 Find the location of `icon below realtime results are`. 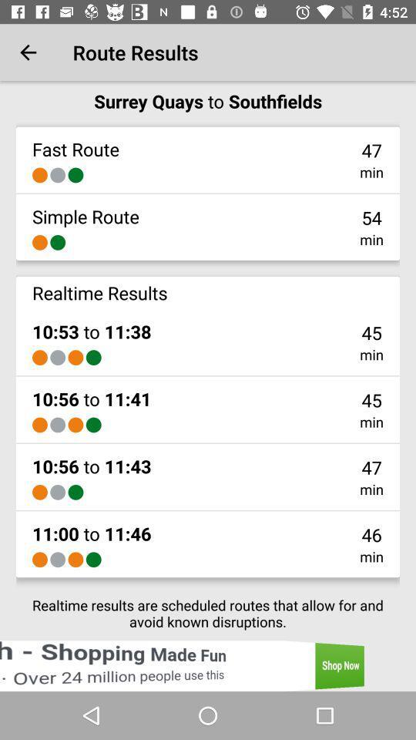

icon below realtime results are is located at coordinates (208, 665).